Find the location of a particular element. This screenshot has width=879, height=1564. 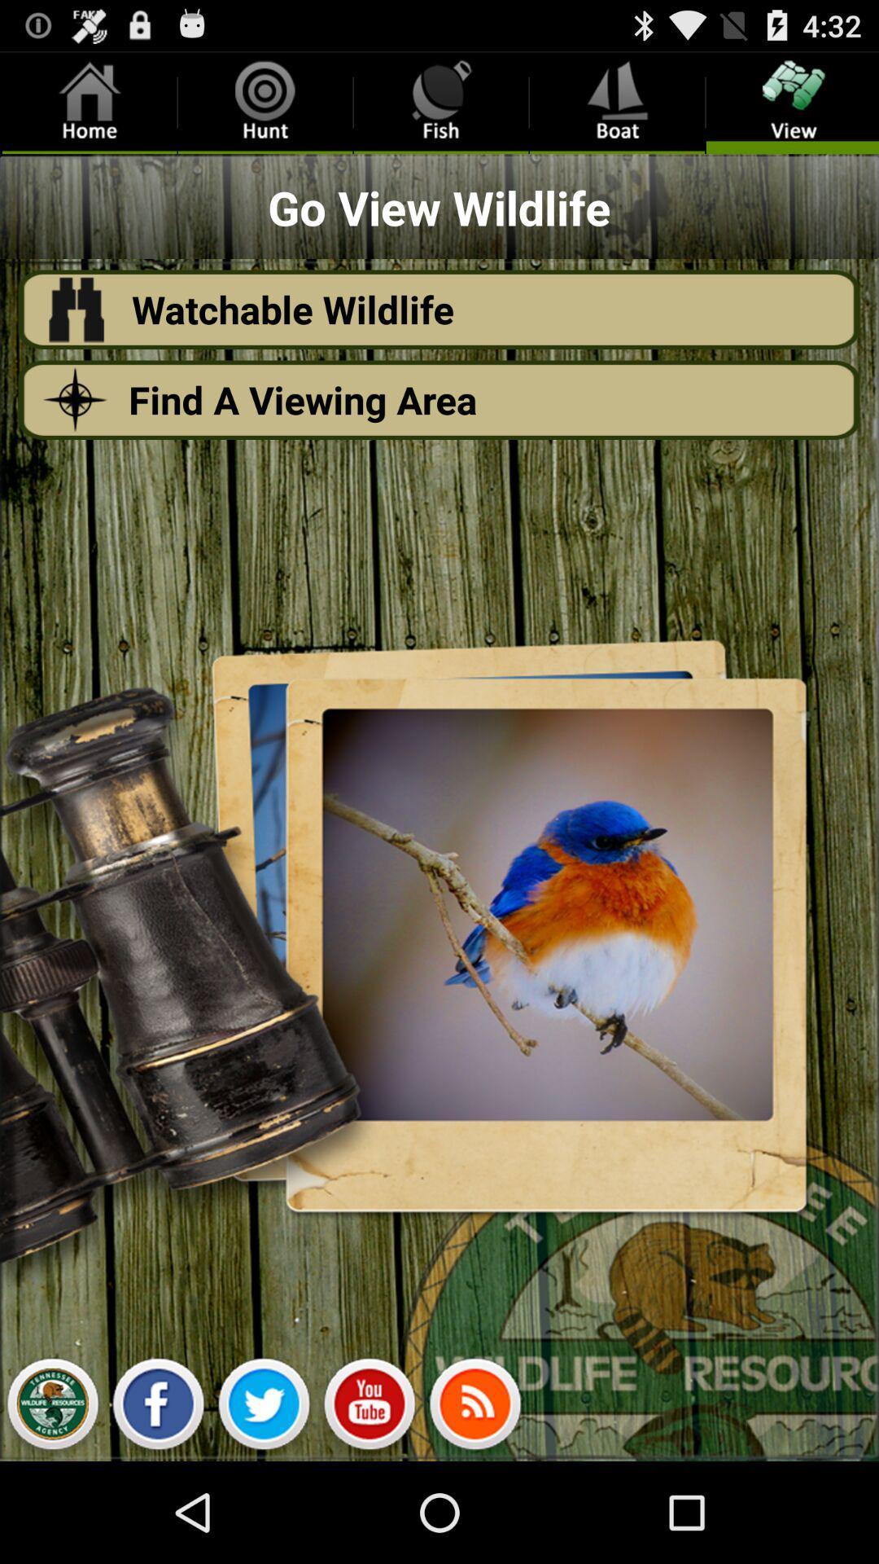

share to youtube is located at coordinates (370, 1408).